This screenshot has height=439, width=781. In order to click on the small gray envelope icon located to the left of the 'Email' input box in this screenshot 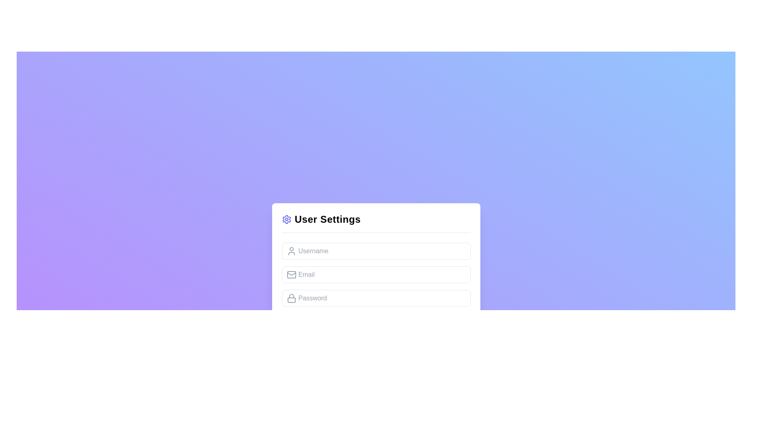, I will do `click(291, 274)`.